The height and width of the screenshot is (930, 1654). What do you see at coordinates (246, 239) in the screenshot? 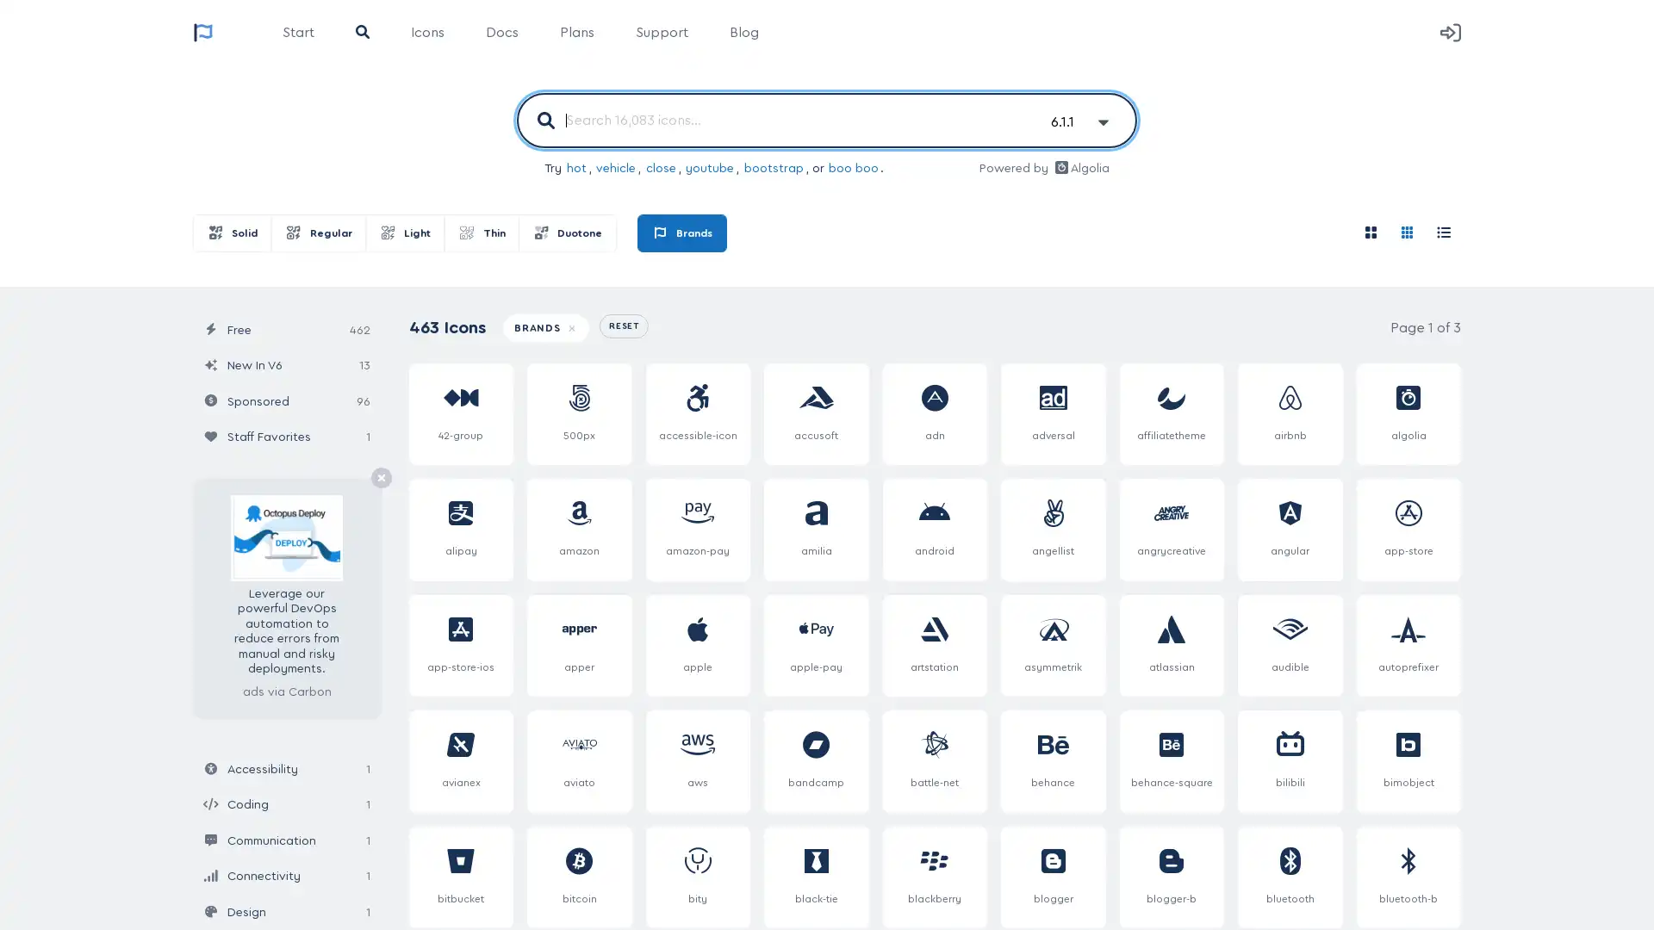
I see `Solid` at bounding box center [246, 239].